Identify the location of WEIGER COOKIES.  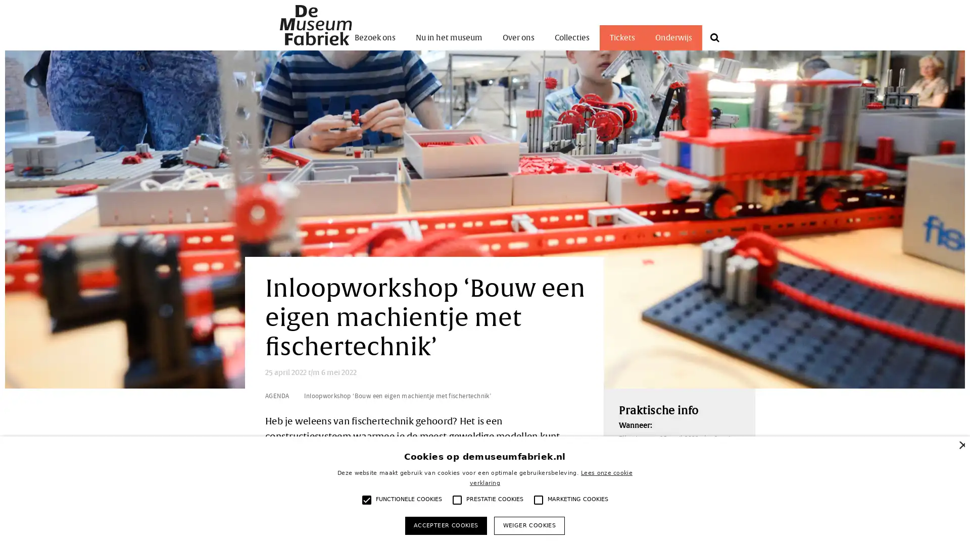
(528, 525).